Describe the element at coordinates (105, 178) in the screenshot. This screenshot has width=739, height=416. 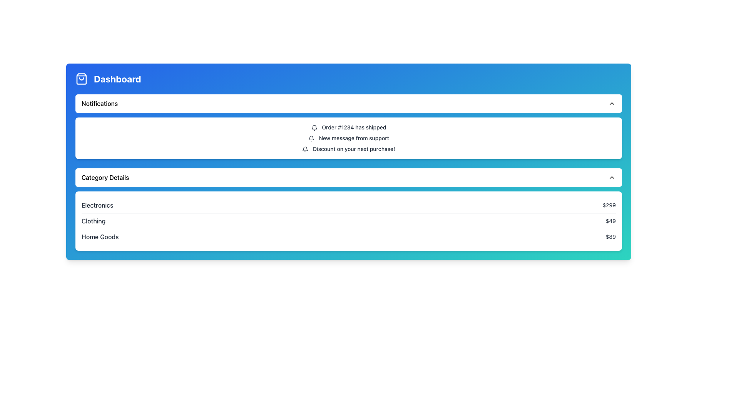
I see `the static text label that represents the title of a collapsible section, located near the center of a horizontally-styled panel in the top-left quadrant` at that location.